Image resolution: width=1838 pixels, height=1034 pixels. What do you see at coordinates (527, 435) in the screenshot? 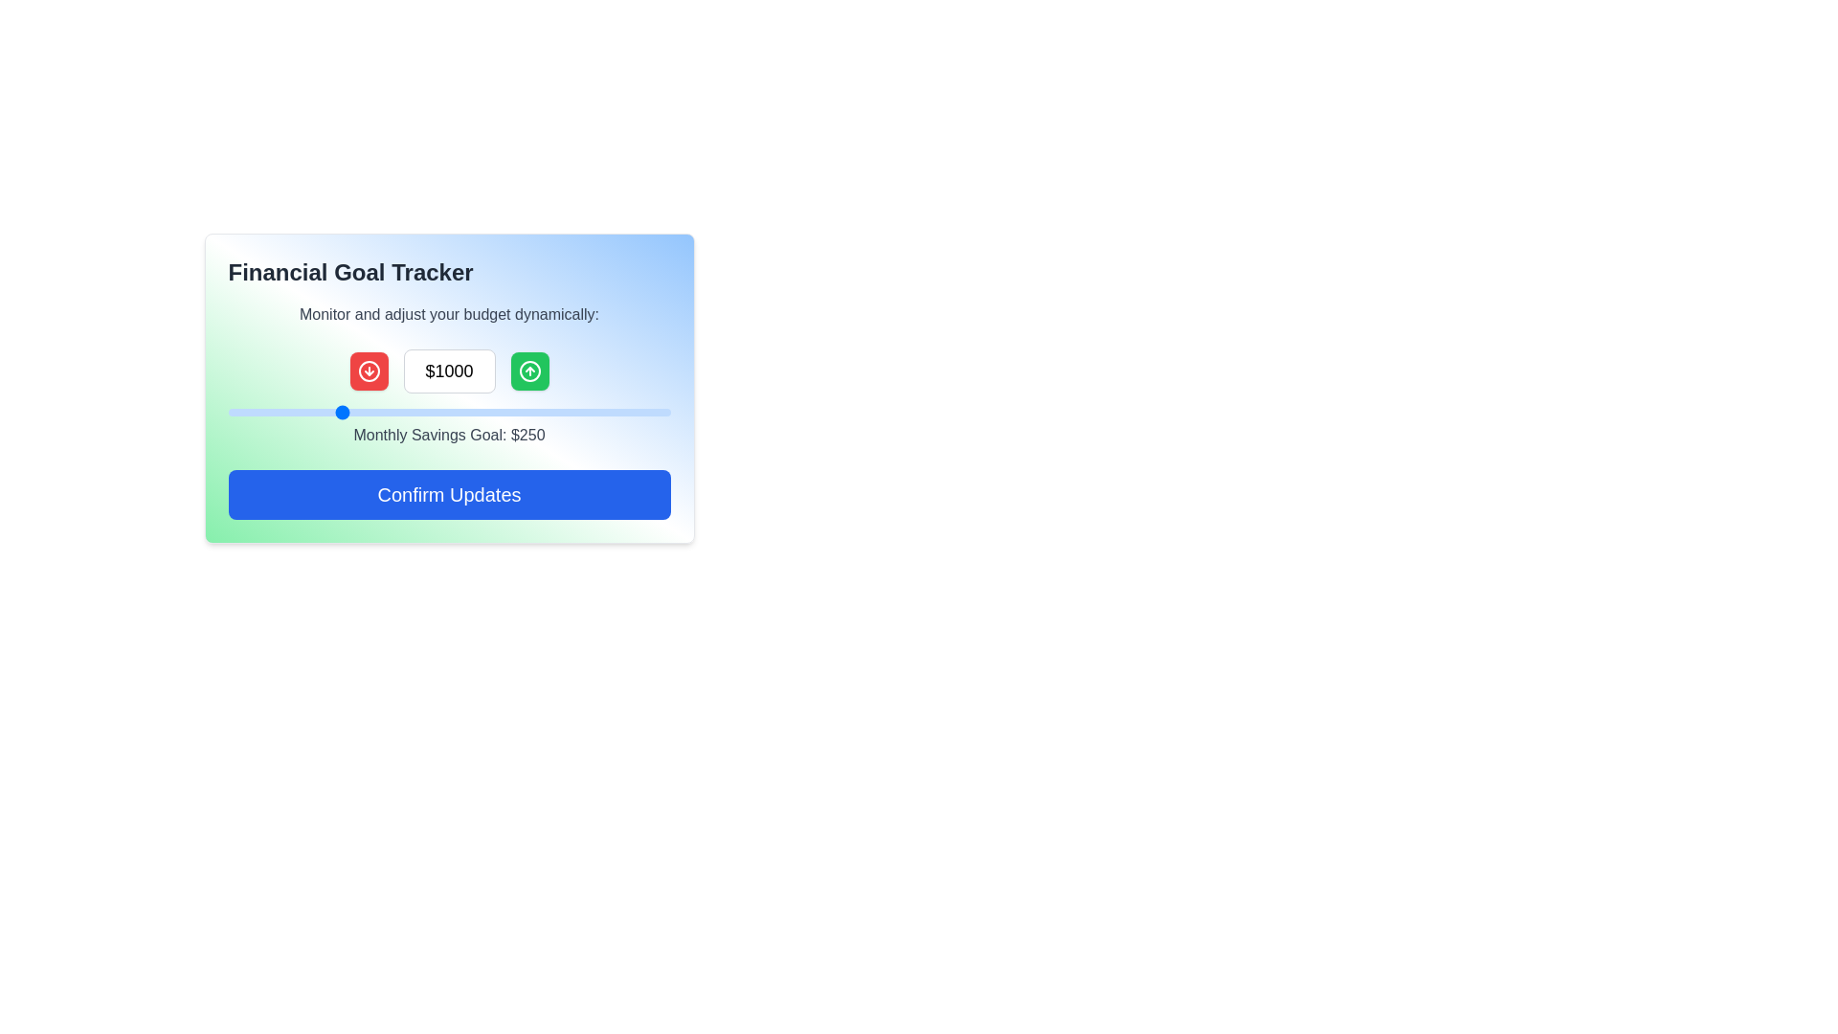
I see `value displayed in the bold text component showing '$250' which is part of the 'Monthly Savings Goal' contextual description` at bounding box center [527, 435].